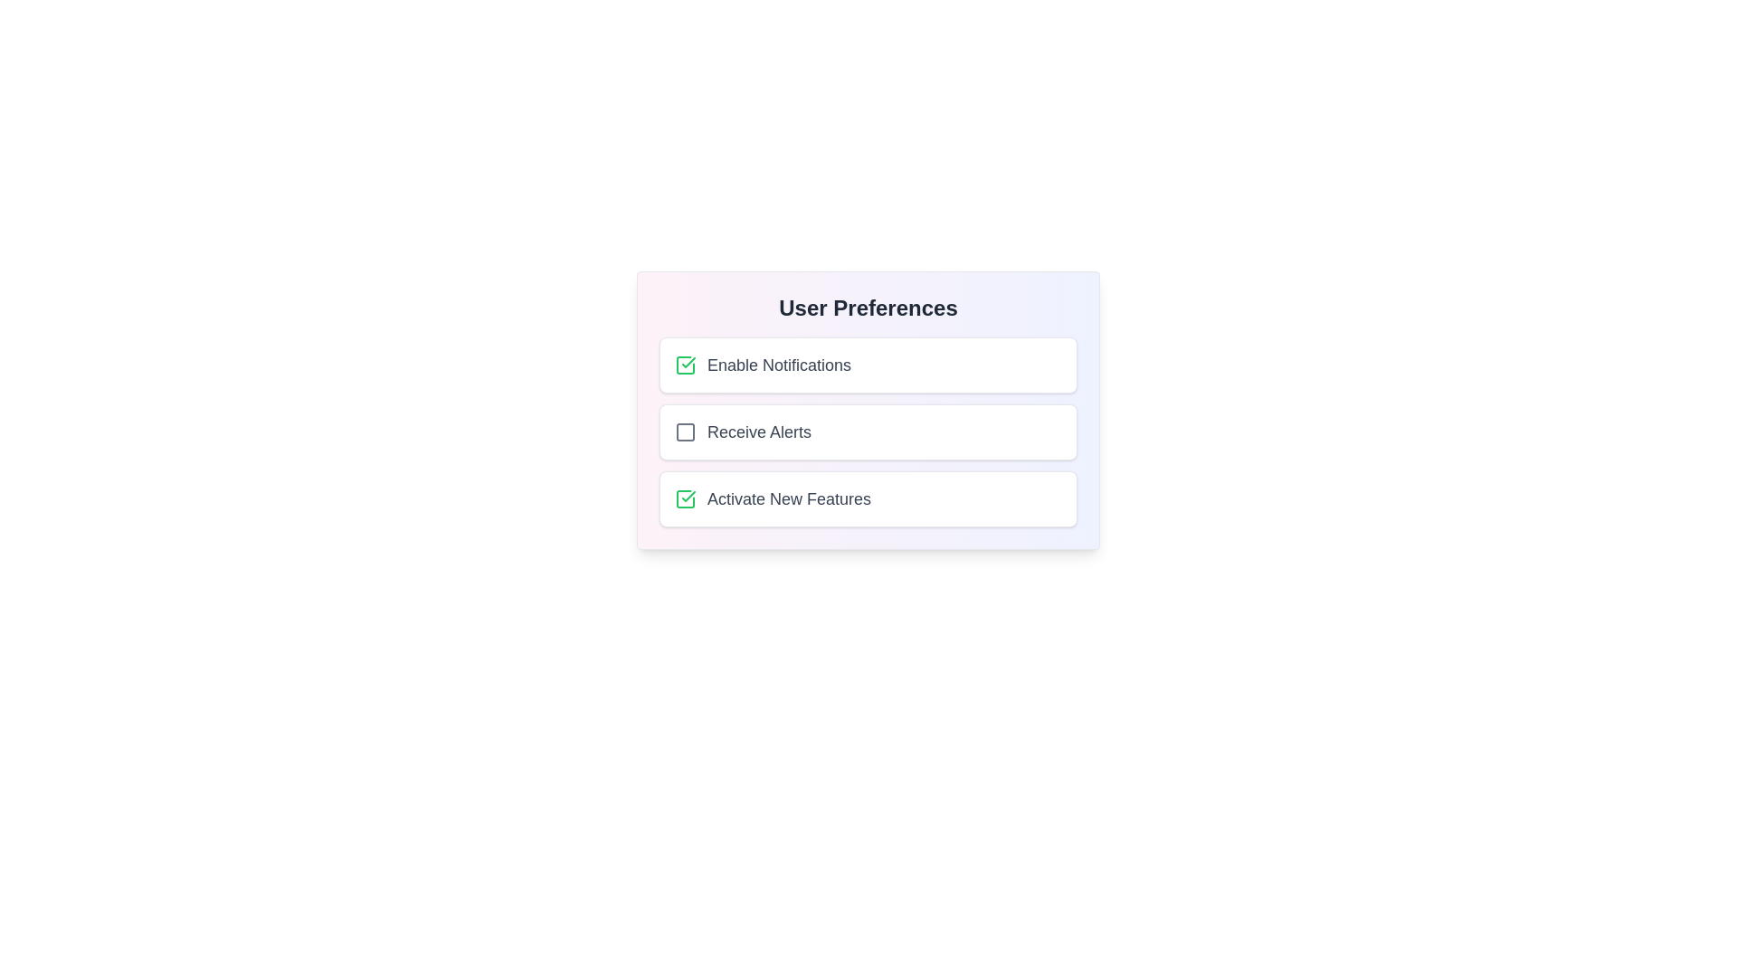  I want to click on the 'Activate New Features' selection option with a checkbox and label located in the 'User Preferences' section, so click(868, 498).